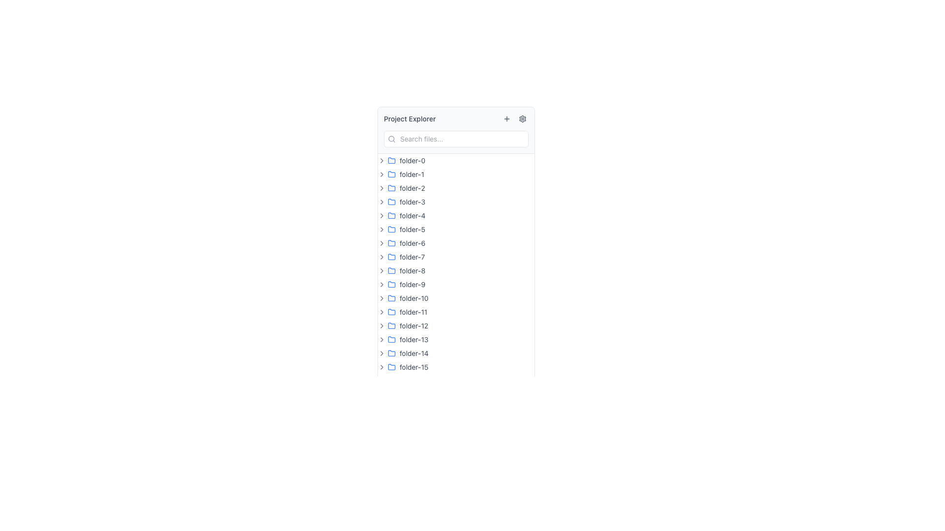  Describe the element at coordinates (381, 271) in the screenshot. I see `the small rightward arrow icon, styled in gray, located to the left of the blue folder icon associated with the 'folder-8' entry in the list` at that location.